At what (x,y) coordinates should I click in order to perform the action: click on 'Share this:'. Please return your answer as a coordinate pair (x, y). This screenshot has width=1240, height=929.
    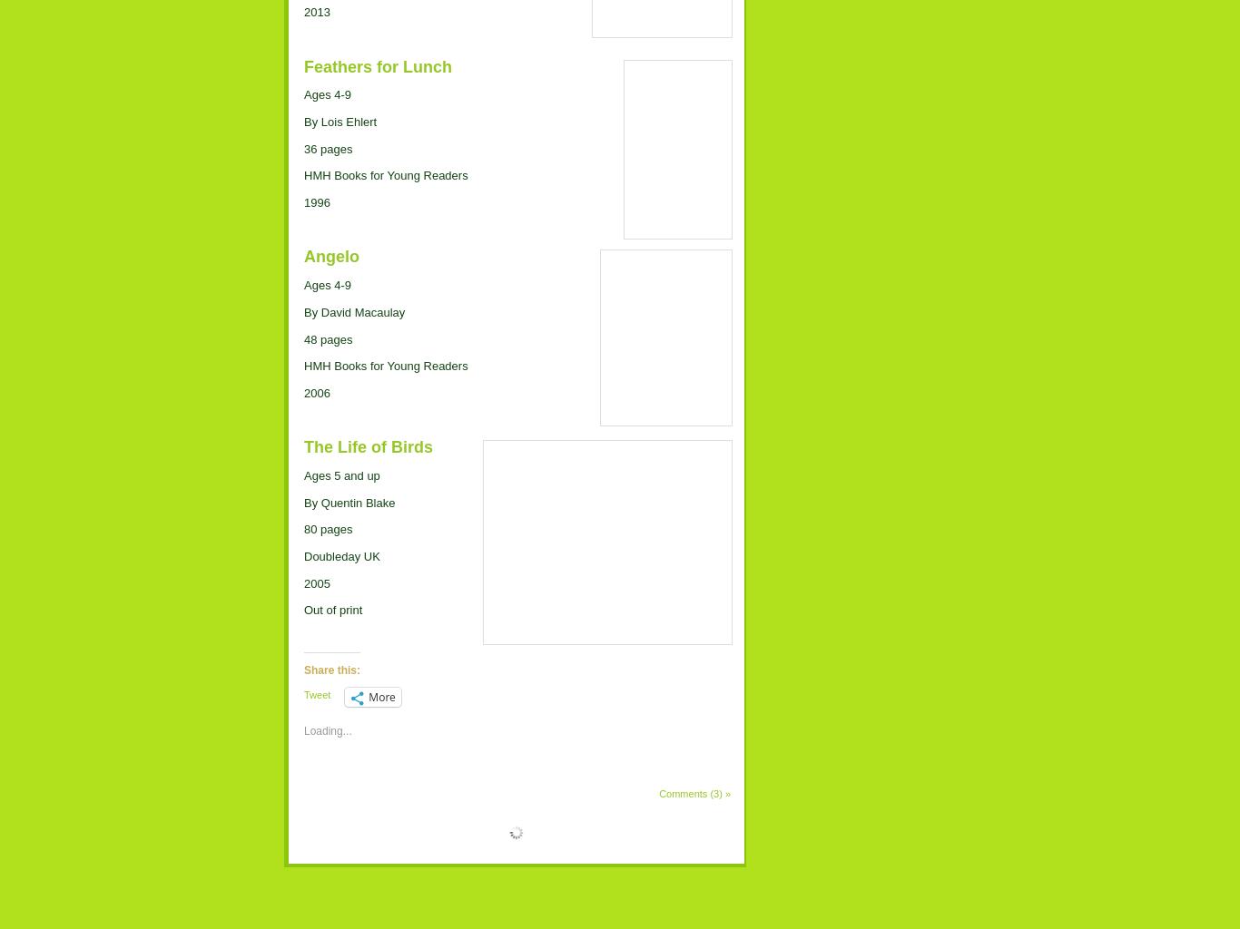
    Looking at the image, I should click on (330, 668).